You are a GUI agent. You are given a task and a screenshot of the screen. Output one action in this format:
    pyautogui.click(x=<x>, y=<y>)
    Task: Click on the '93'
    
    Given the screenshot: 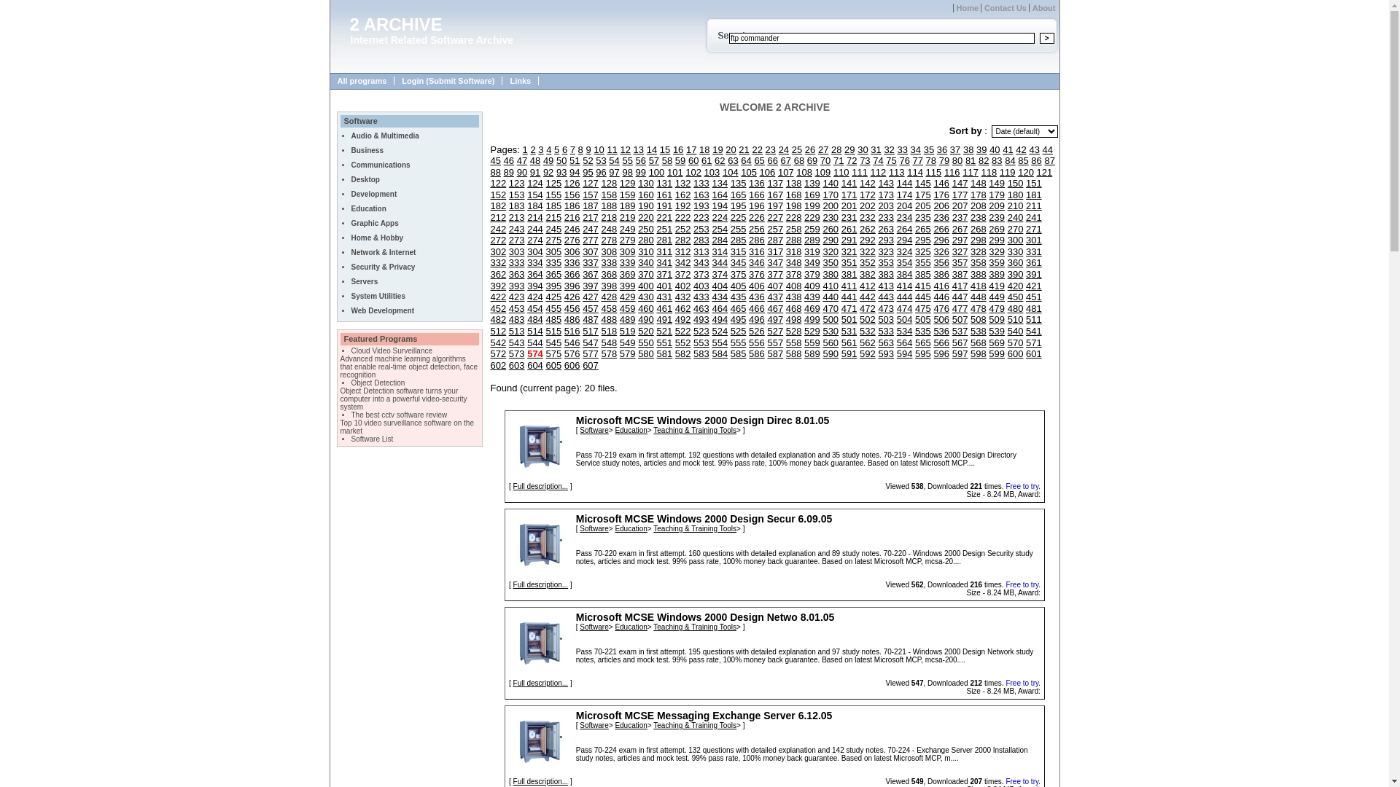 What is the action you would take?
    pyautogui.click(x=560, y=171)
    